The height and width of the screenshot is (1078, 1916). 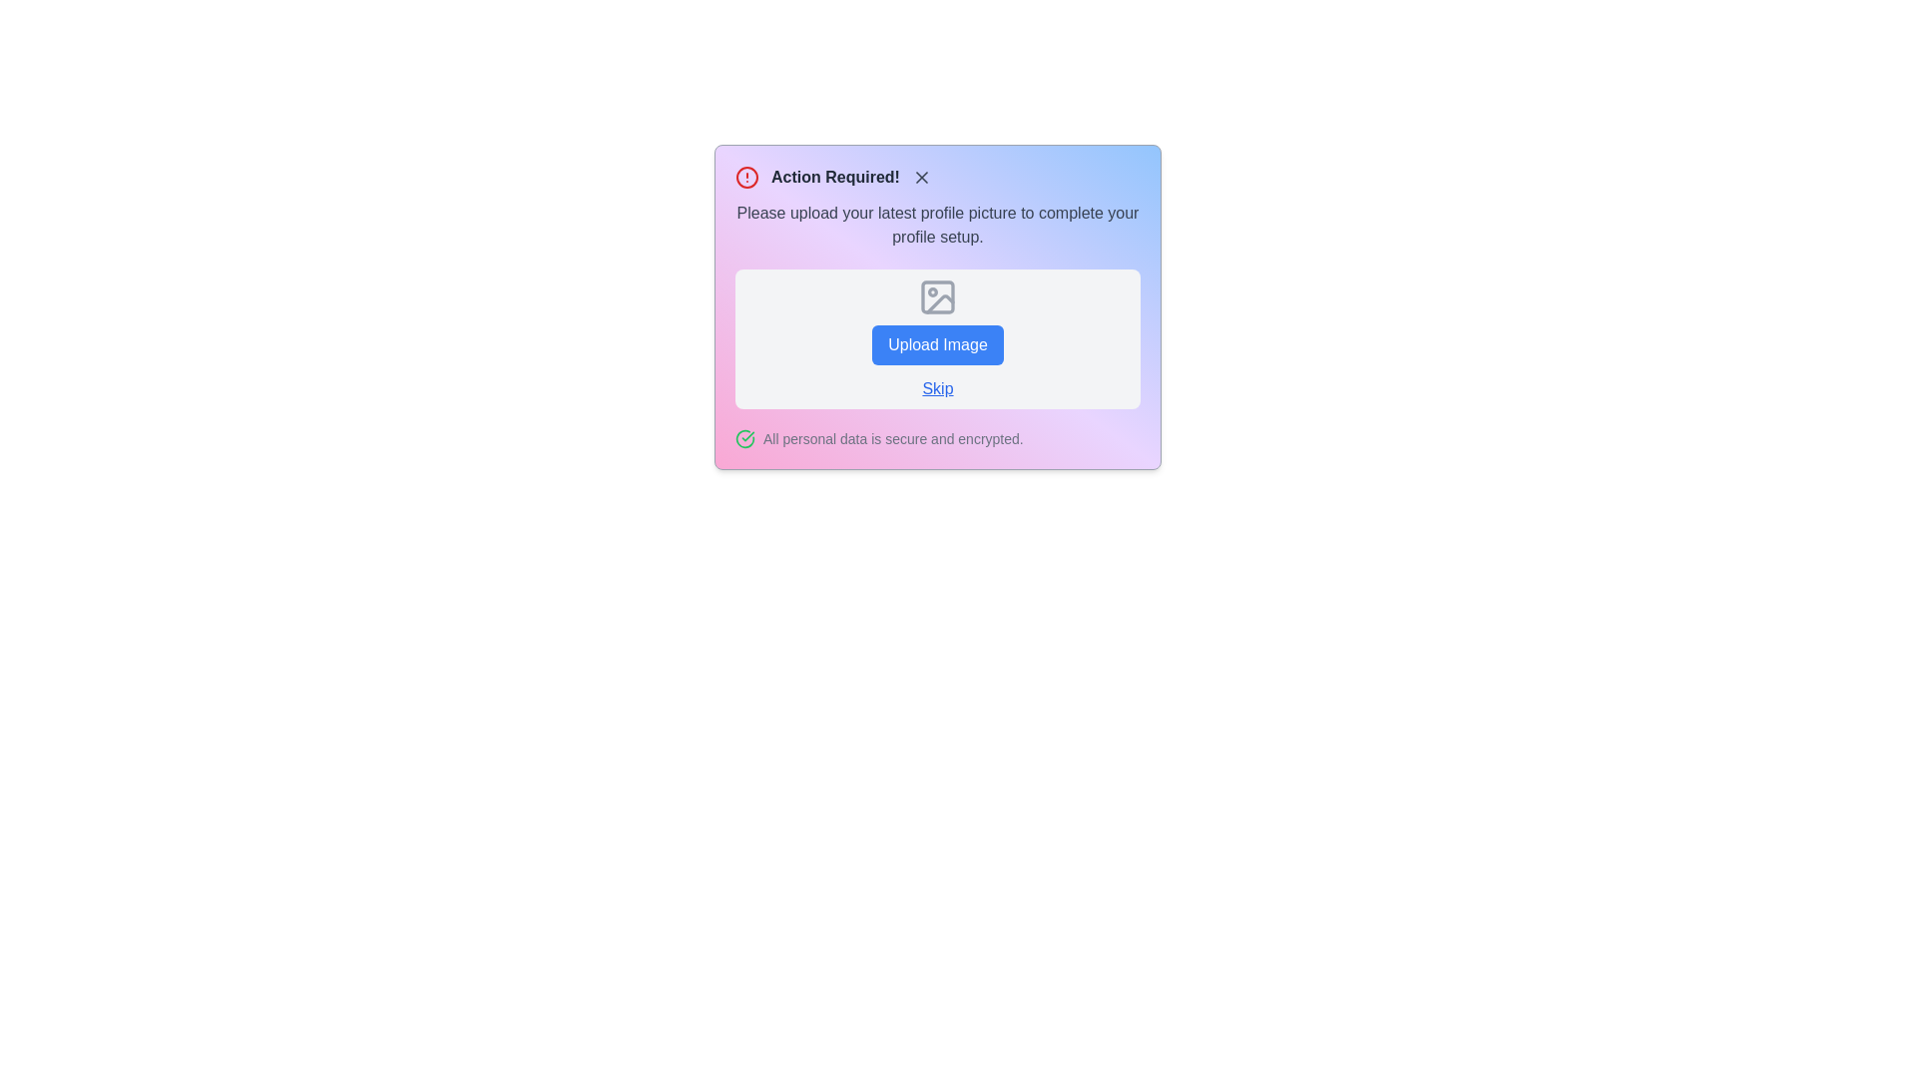 I want to click on close button to dismiss the alert, so click(x=920, y=176).